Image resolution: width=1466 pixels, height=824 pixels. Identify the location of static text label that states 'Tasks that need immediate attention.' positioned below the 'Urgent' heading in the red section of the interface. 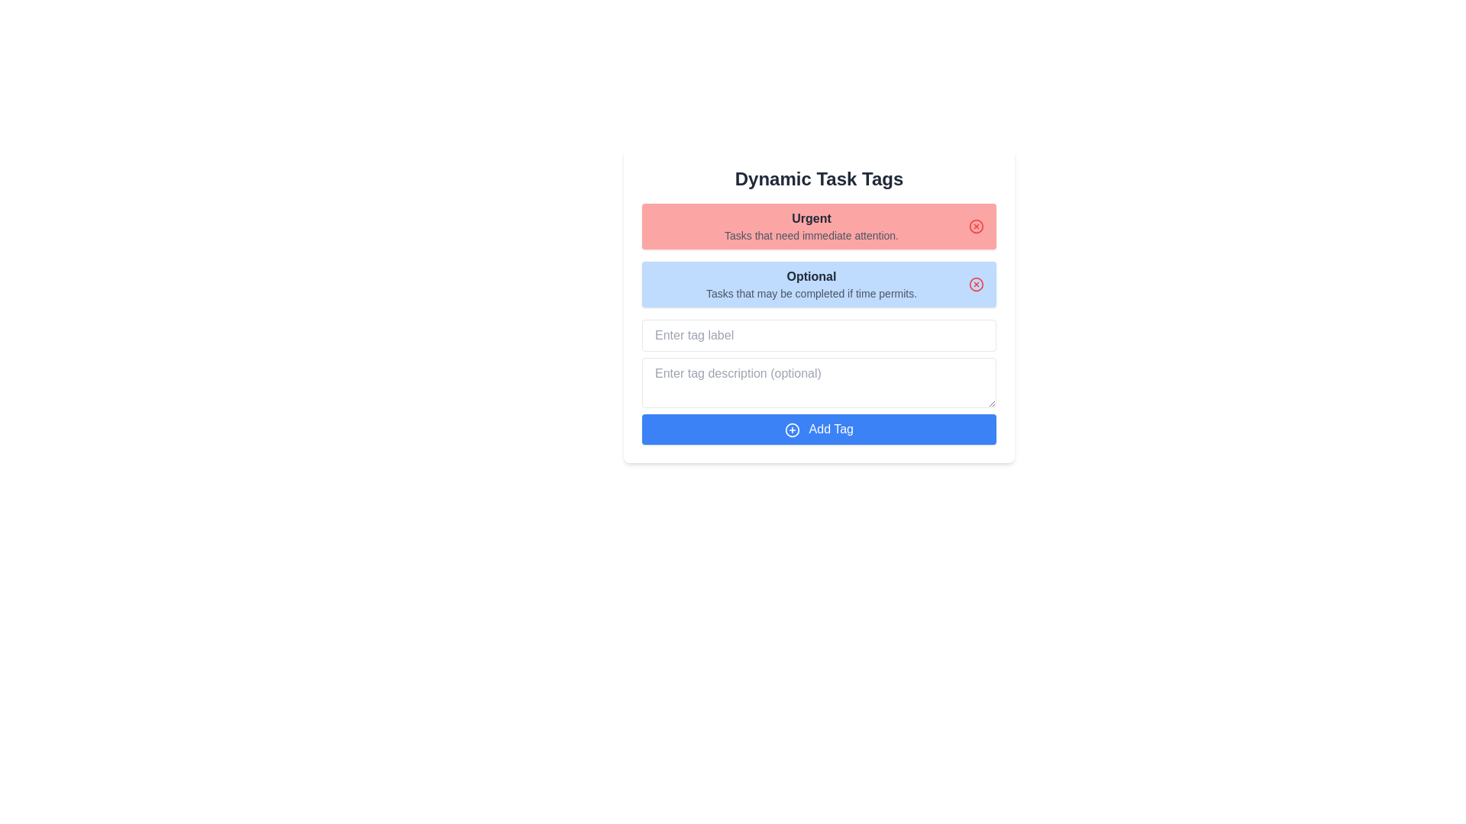
(810, 235).